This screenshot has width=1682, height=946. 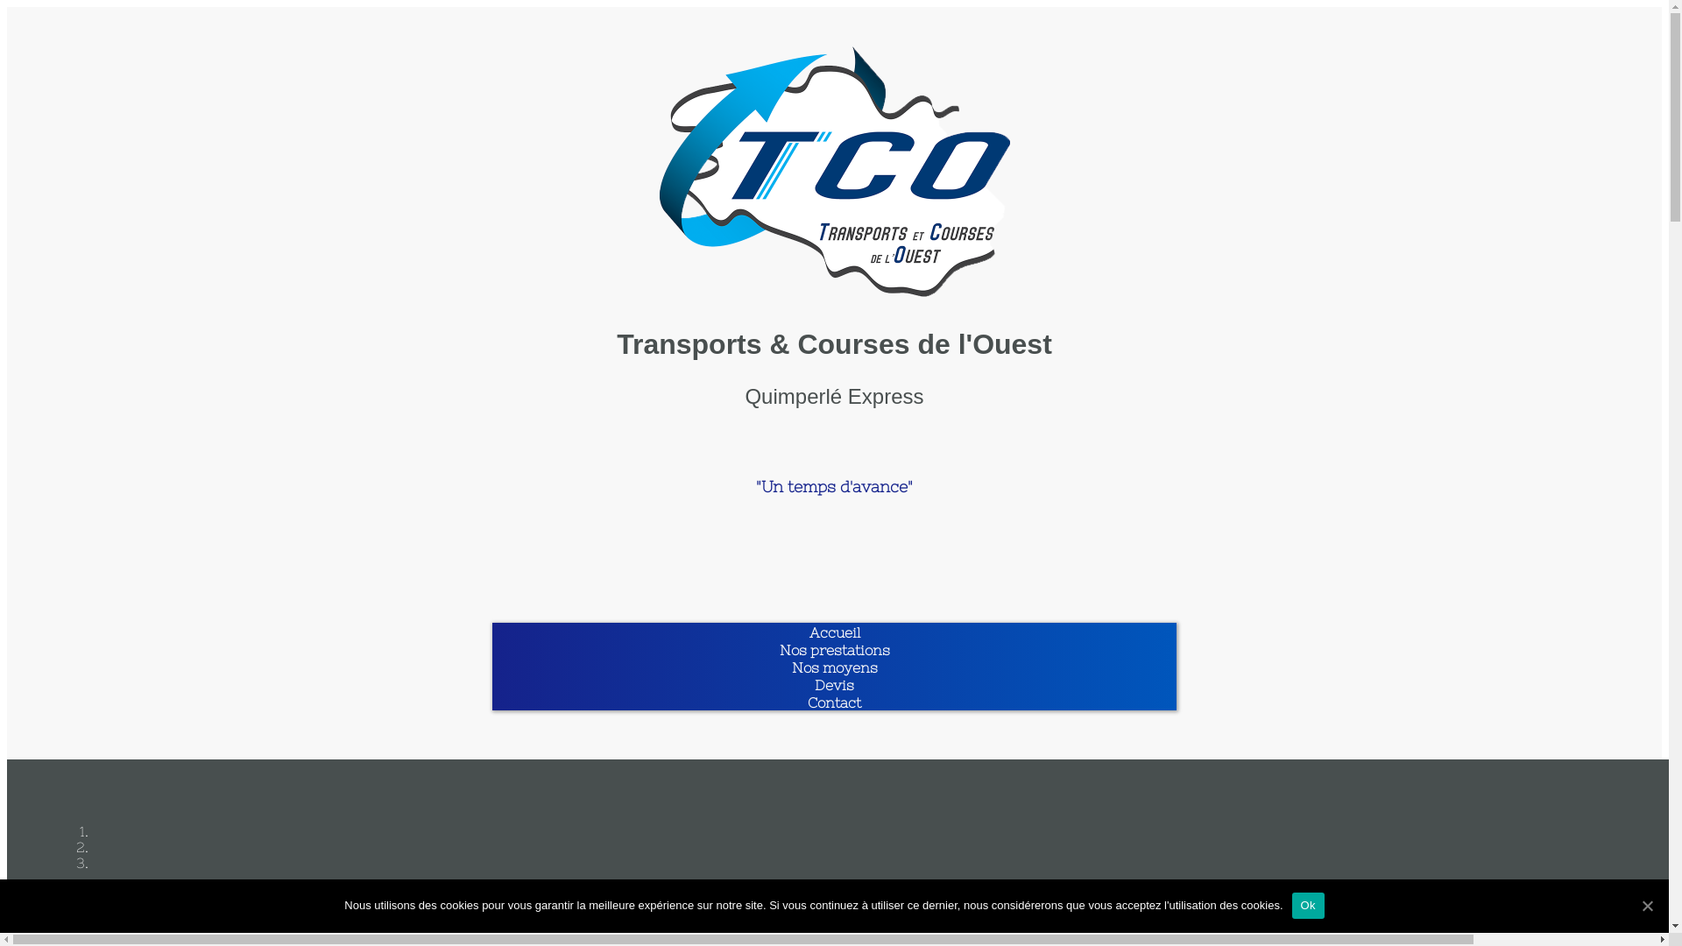 What do you see at coordinates (834, 667) in the screenshot?
I see `'Nos moyens'` at bounding box center [834, 667].